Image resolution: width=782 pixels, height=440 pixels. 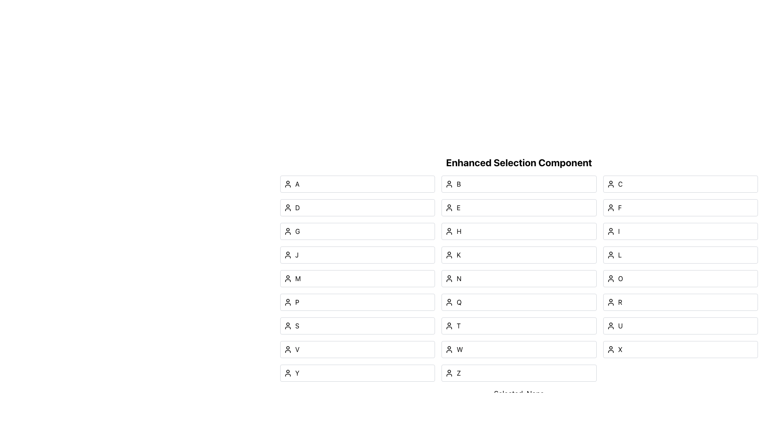 What do you see at coordinates (288, 278) in the screenshot?
I see `the user icon represented by a small icon resembling a simplified human figure, located in the middle of the grid within the left column labeled 'M'` at bounding box center [288, 278].